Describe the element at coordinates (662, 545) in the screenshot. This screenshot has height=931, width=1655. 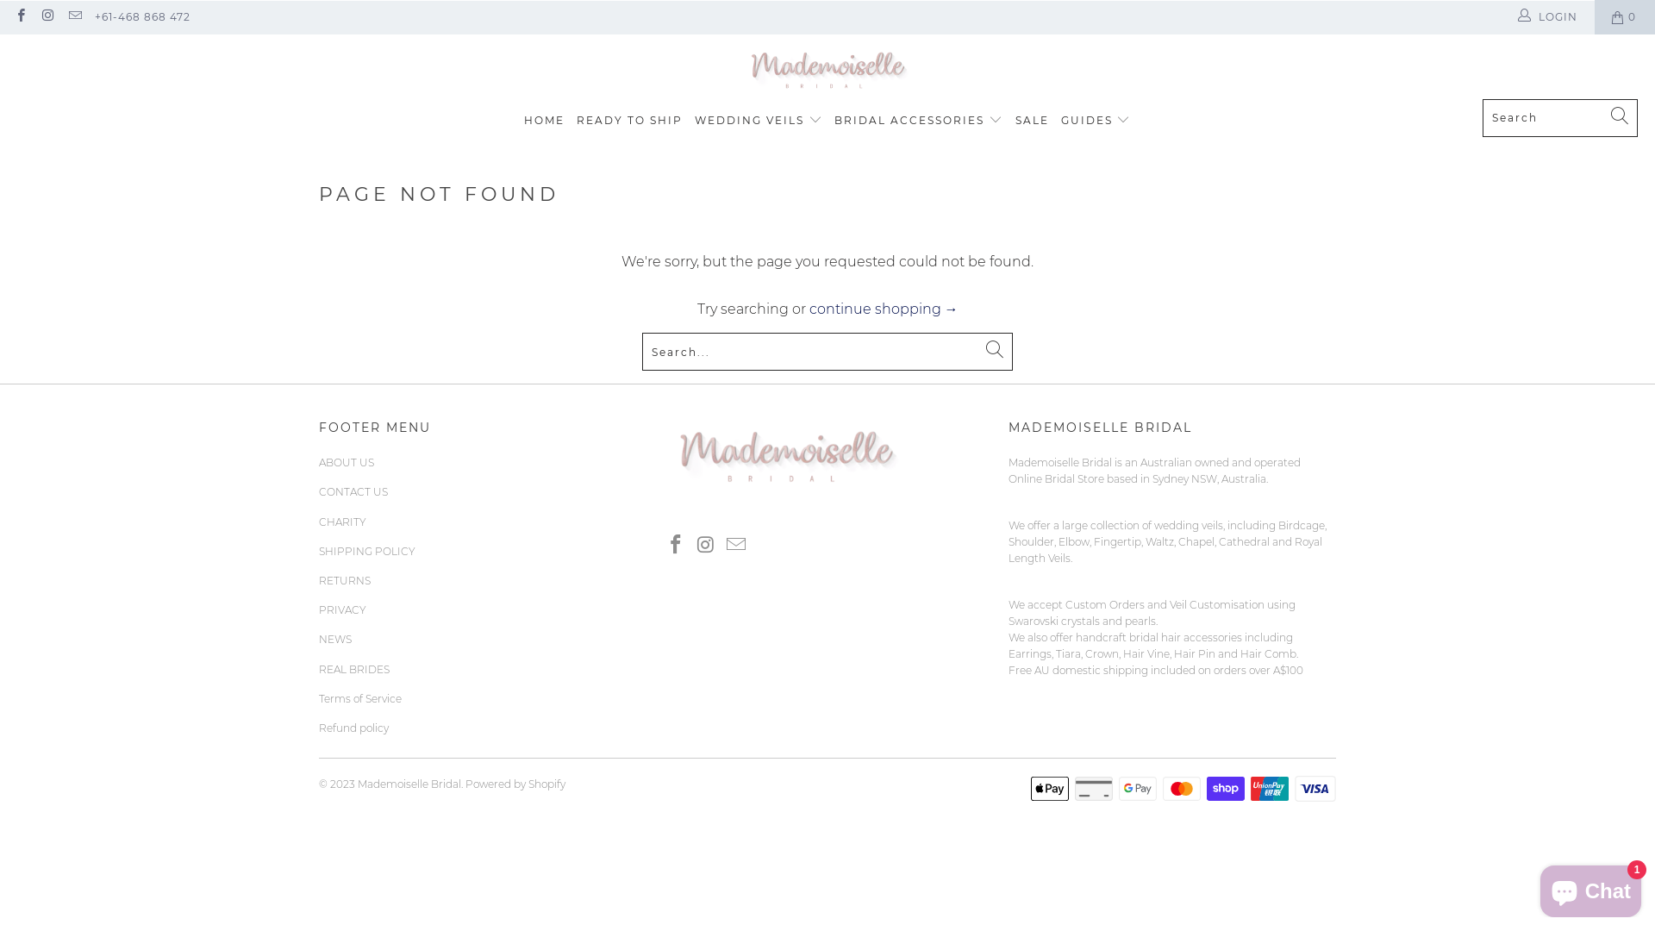
I see `'Mademoiselle Bridal on Facebook'` at that location.